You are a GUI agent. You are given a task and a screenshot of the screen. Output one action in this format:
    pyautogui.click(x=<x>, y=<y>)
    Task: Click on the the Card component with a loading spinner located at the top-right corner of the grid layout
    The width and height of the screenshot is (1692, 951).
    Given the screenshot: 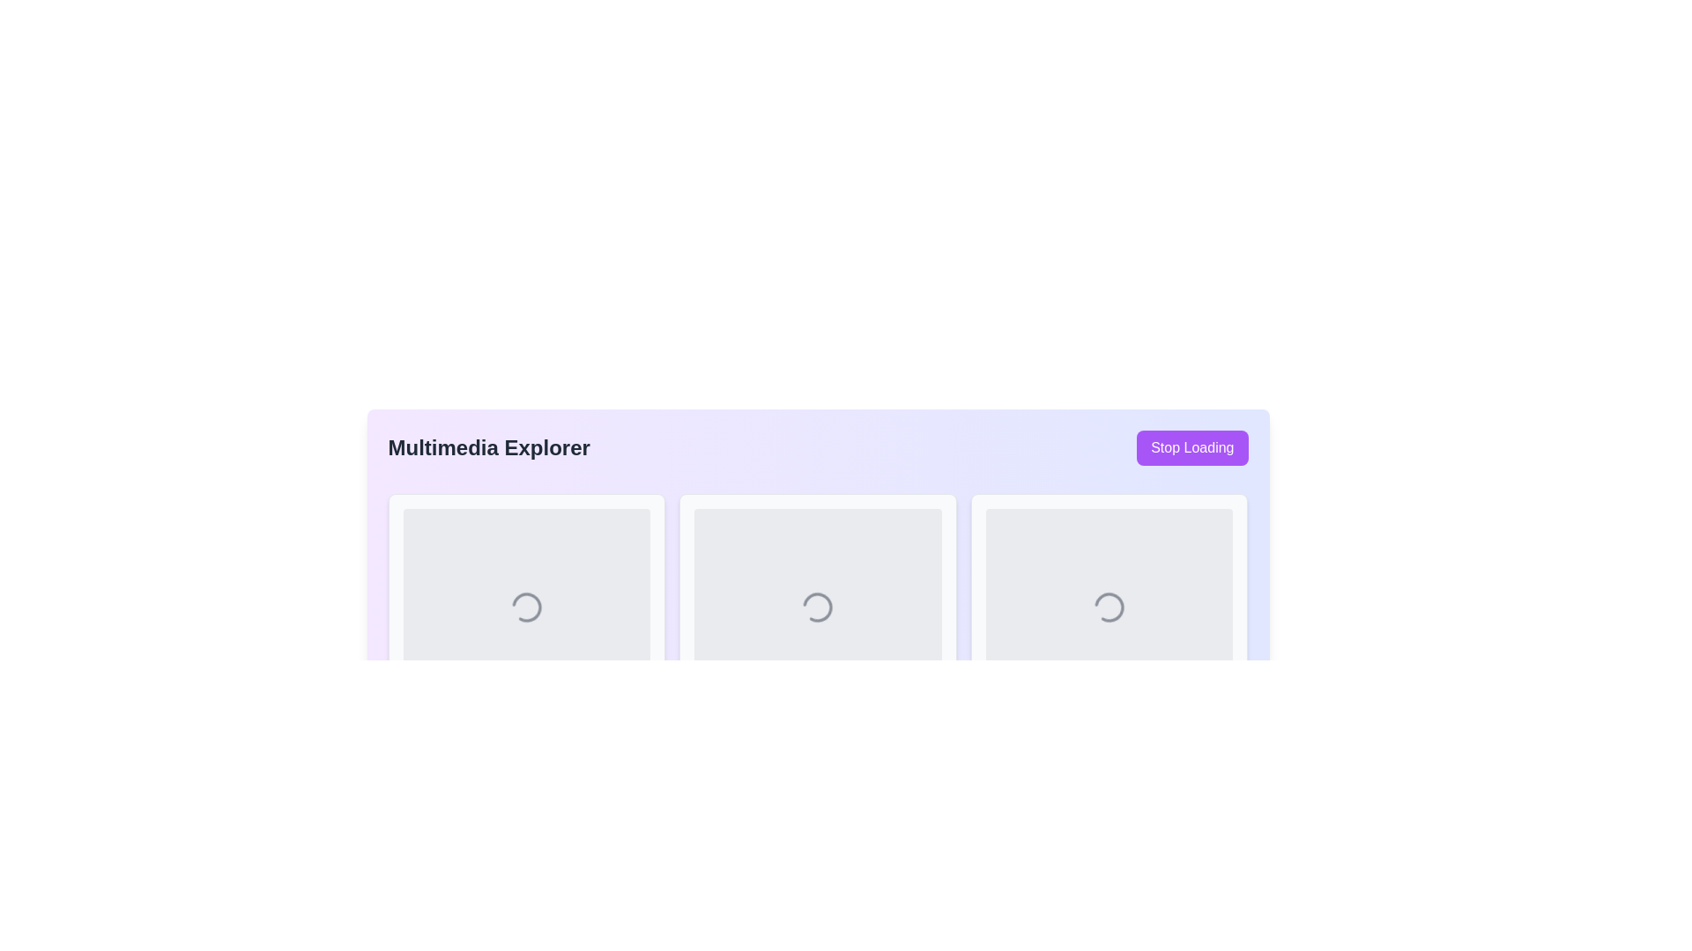 What is the action you would take?
    pyautogui.click(x=1109, y=630)
    